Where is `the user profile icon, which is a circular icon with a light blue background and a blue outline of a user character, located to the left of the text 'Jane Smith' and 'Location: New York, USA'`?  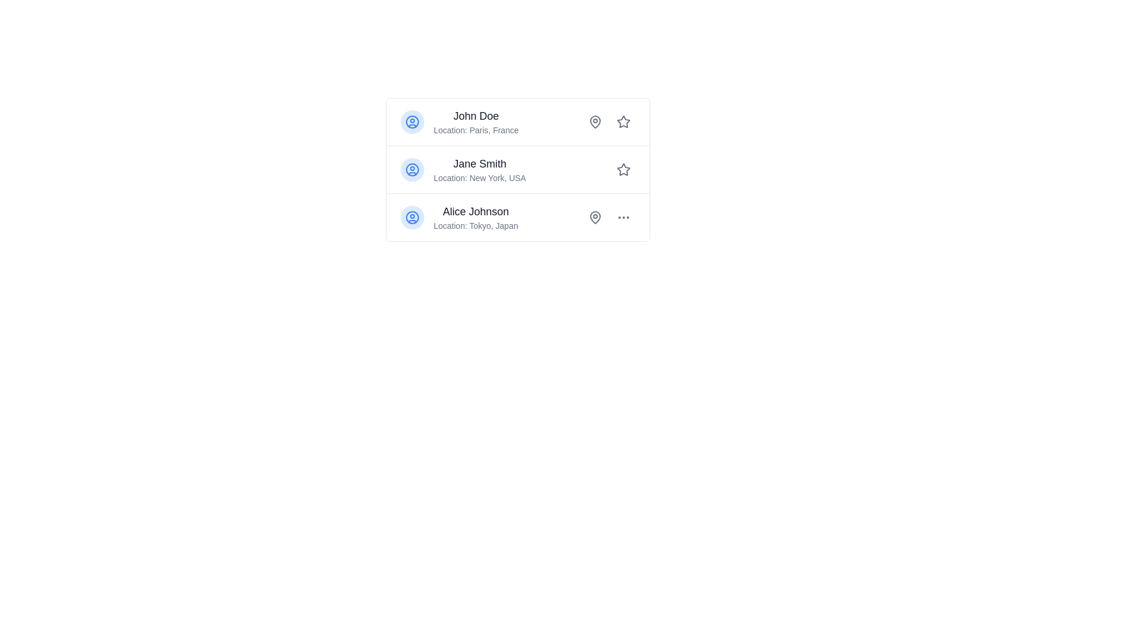 the user profile icon, which is a circular icon with a light blue background and a blue outline of a user character, located to the left of the text 'Jane Smith' and 'Location: New York, USA' is located at coordinates (412, 170).